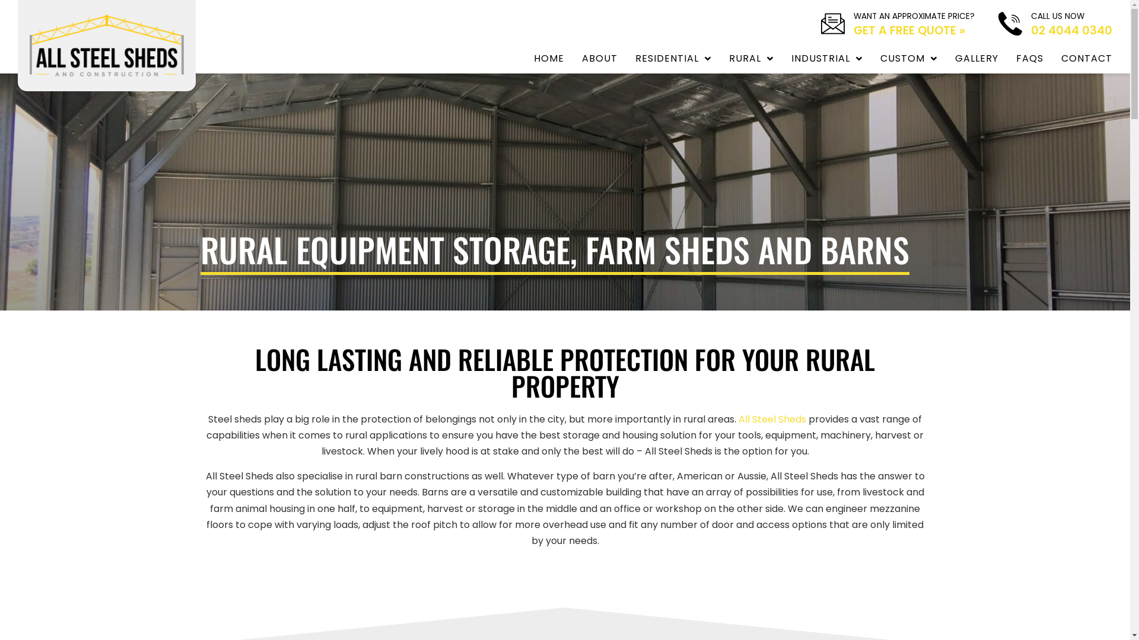  I want to click on 'CALL US NOW', so click(1057, 16).